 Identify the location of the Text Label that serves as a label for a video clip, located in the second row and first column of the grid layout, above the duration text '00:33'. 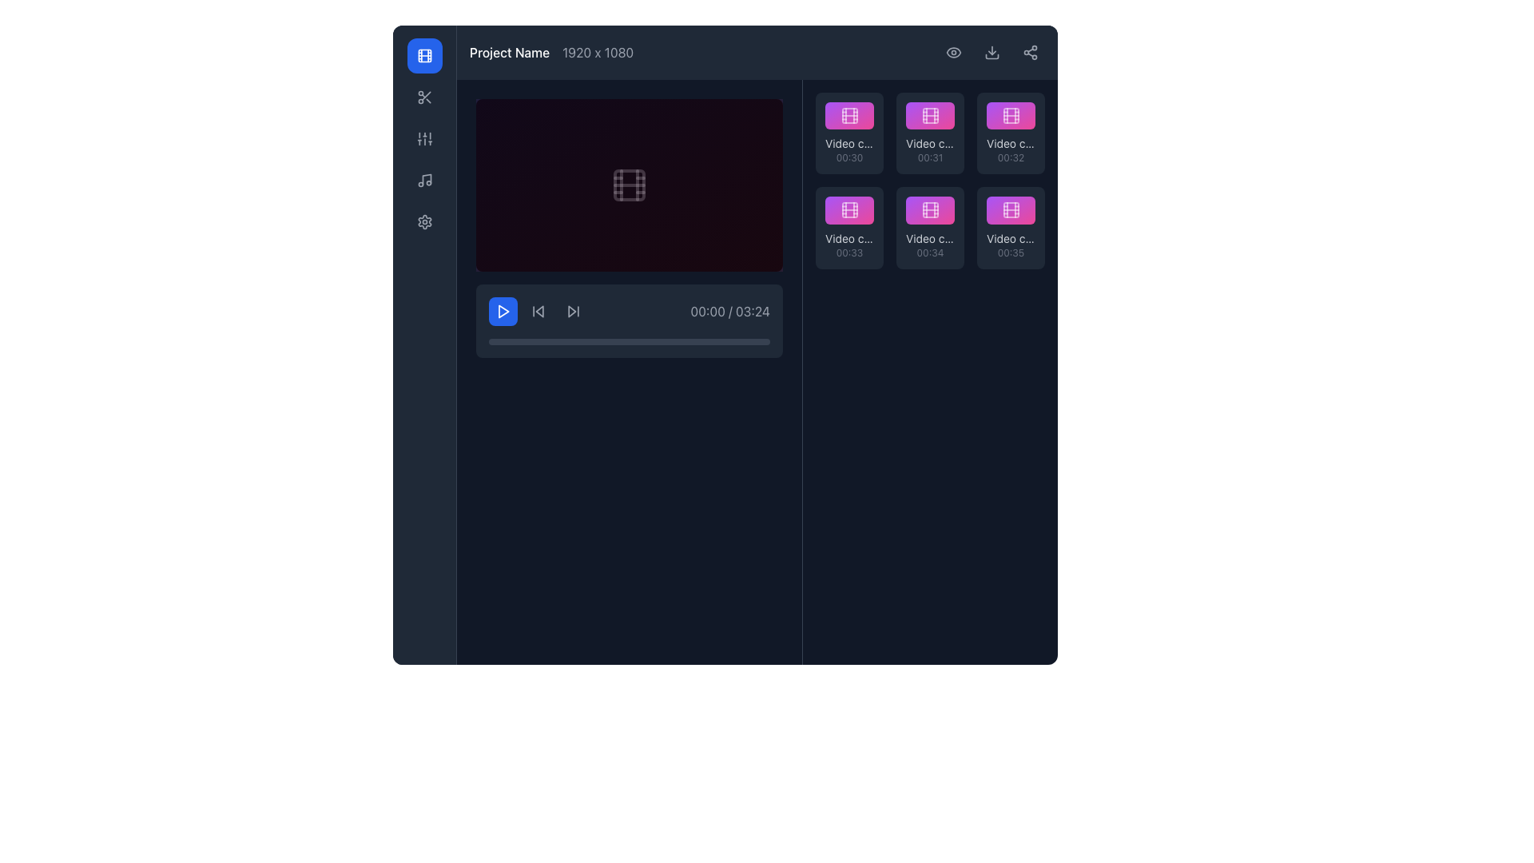
(848, 238).